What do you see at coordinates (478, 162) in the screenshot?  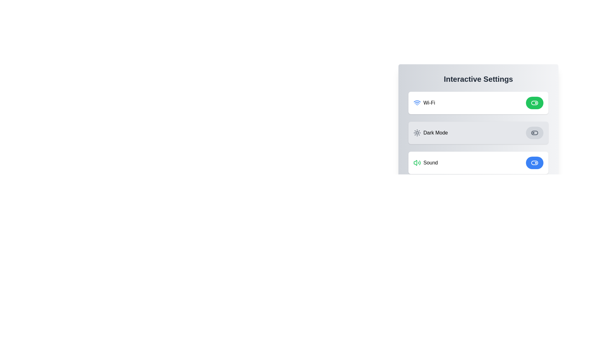 I see `the 'Sound' toggle control card, which is the third card in a vertical list containing a toggle button and the title 'Sound'` at bounding box center [478, 162].